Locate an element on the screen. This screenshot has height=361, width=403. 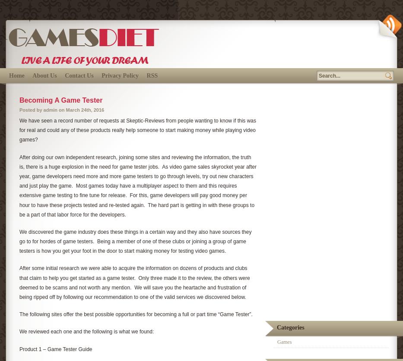
'We have seen a record number of requests at Skeptic-Reviews from people wanting to know if this was for real and could any of these products really help someone to start making money while playing video games?' is located at coordinates (19, 130).